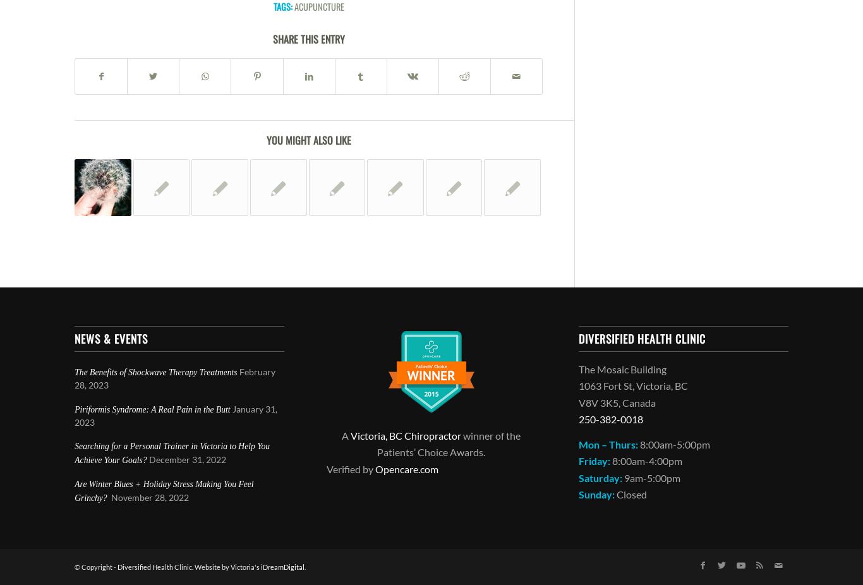 The width and height of the screenshot is (863, 585). Describe the element at coordinates (633, 385) in the screenshot. I see `'1063 Fort St, Victoria, BC'` at that location.